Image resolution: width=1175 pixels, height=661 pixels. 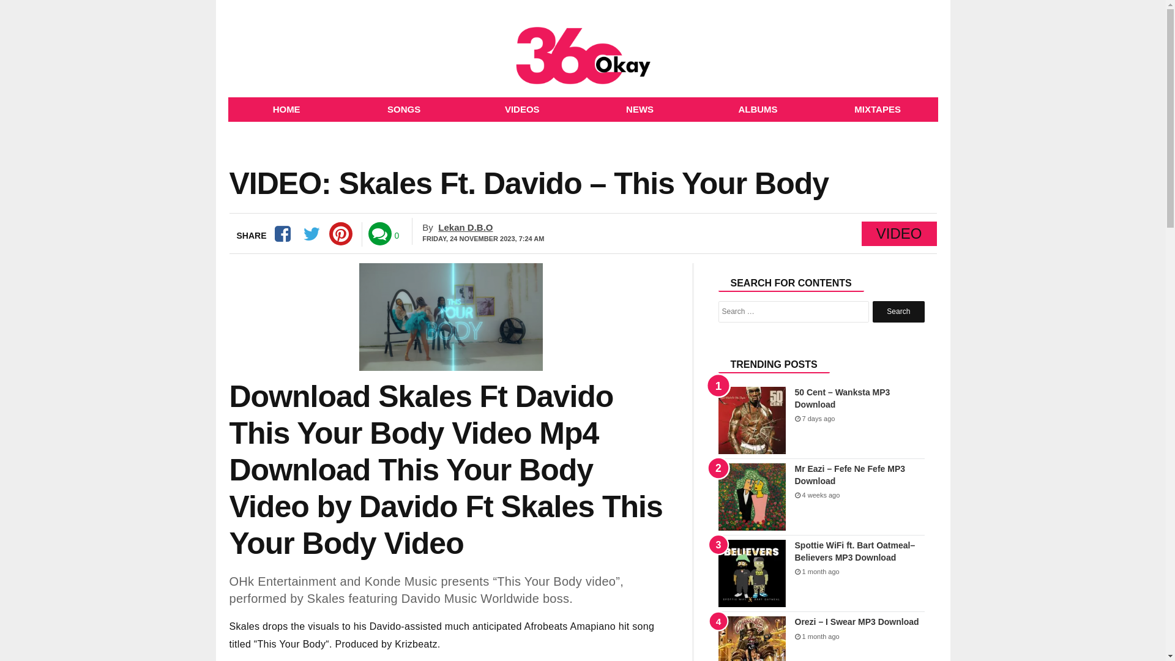 I want to click on 'Comments', so click(x=379, y=233).